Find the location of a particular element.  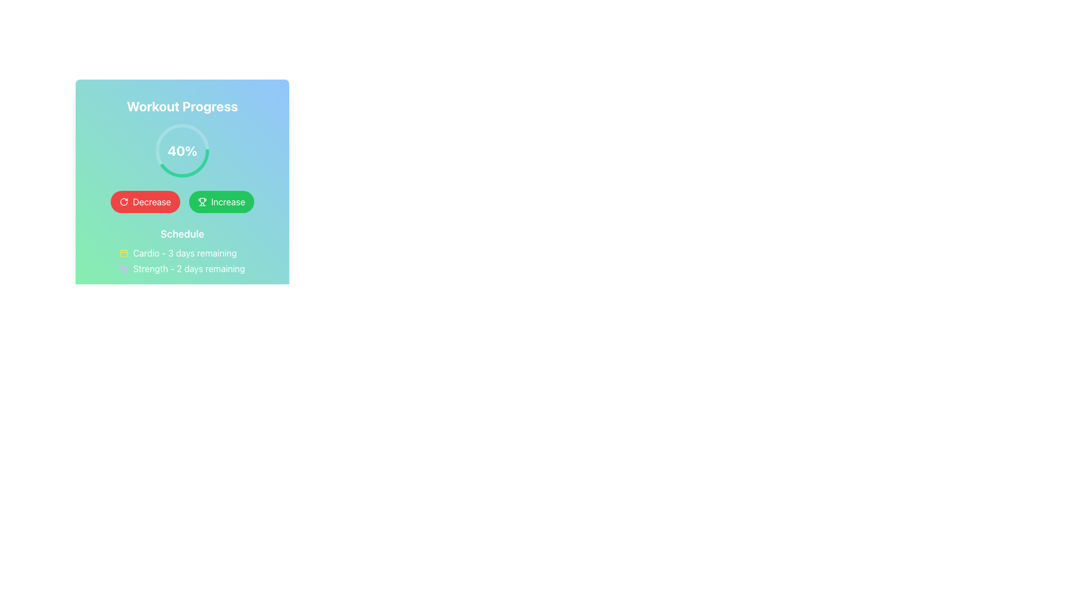

the circular progress indicator displaying '40%' at its center, styled with a green progress arc and located under the title 'Workout Progress' is located at coordinates (182, 150).